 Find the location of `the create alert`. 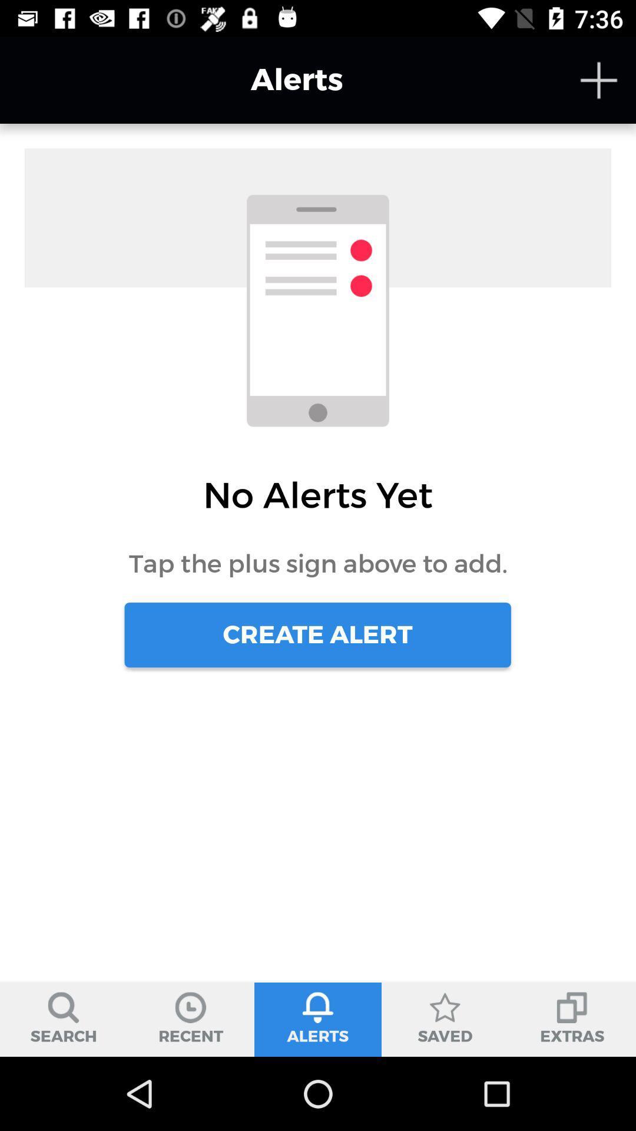

the create alert is located at coordinates (317, 634).